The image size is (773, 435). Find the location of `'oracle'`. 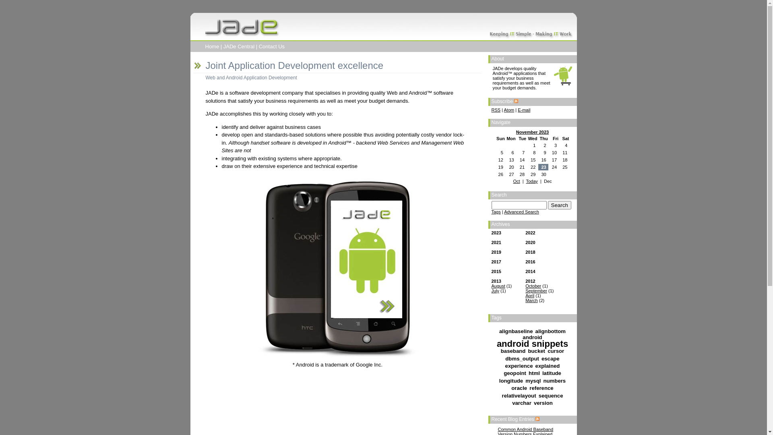

'oracle' is located at coordinates (519, 387).